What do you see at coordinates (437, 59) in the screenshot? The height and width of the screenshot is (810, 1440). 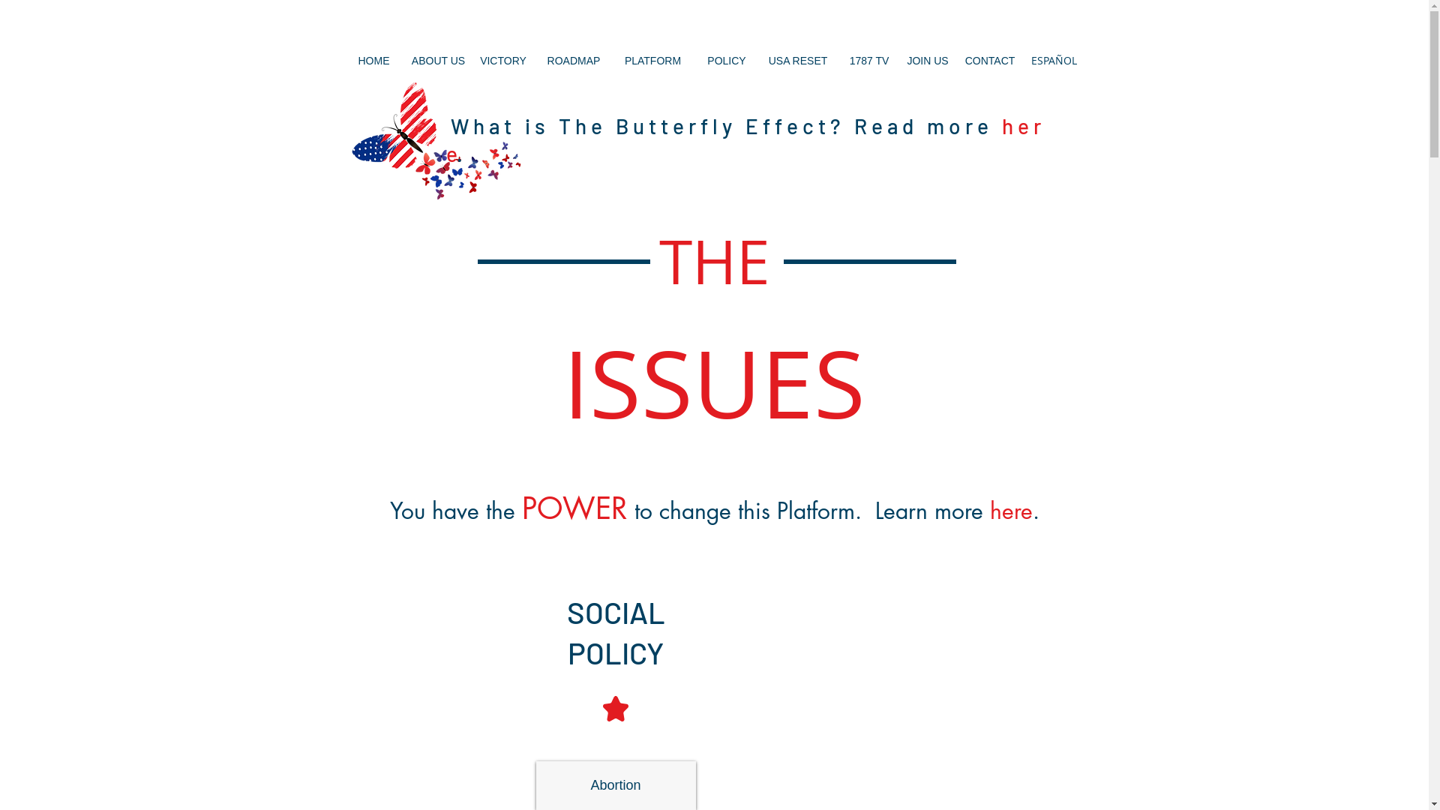 I see `'ABOUT US'` at bounding box center [437, 59].